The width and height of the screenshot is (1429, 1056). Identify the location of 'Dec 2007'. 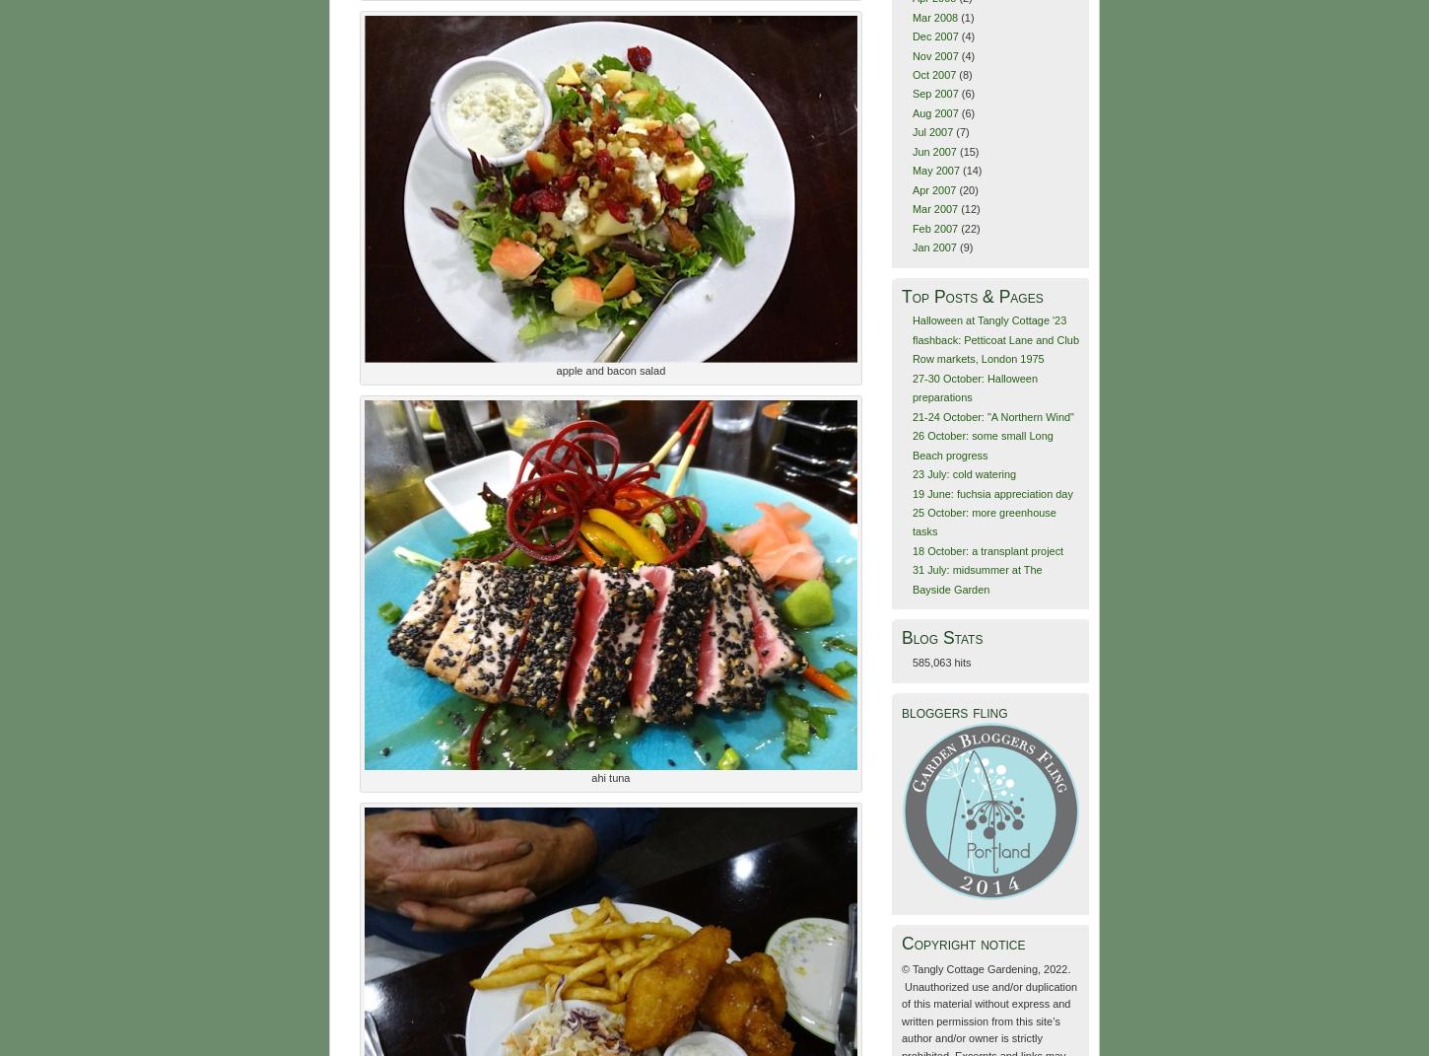
(910, 35).